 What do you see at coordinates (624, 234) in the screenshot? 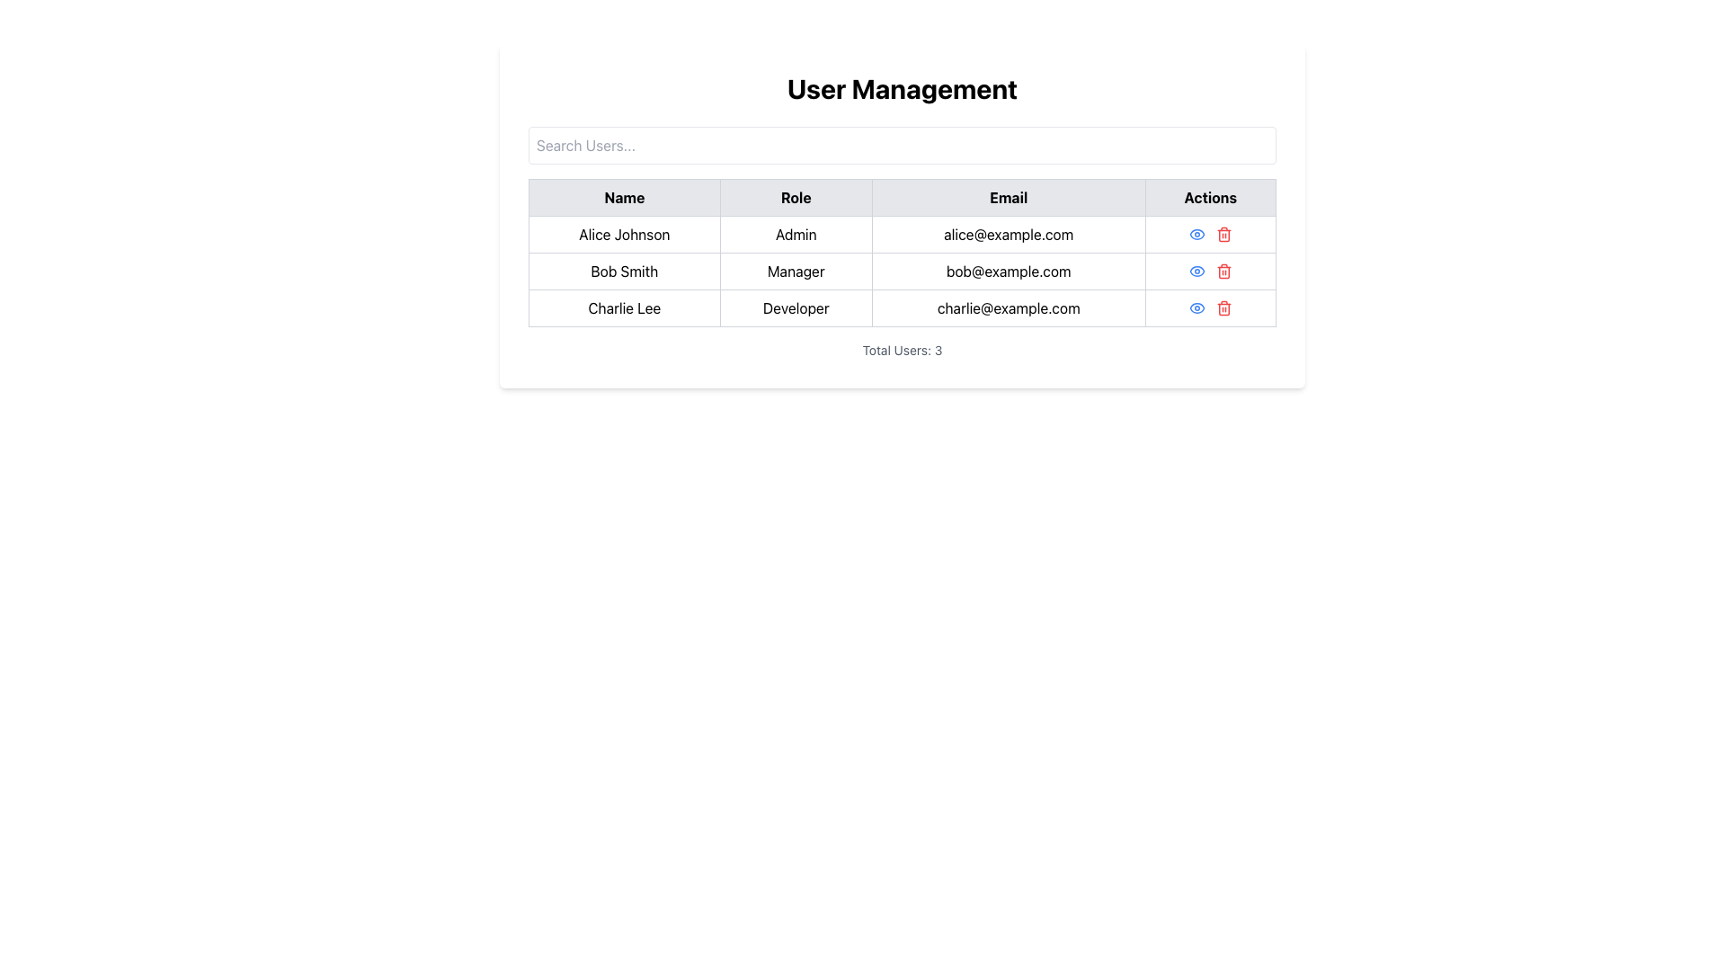
I see `the Text Label that displays the name 'Alice Johnson' in the user information table, located in the first row and first column under the 'Name' header` at bounding box center [624, 234].